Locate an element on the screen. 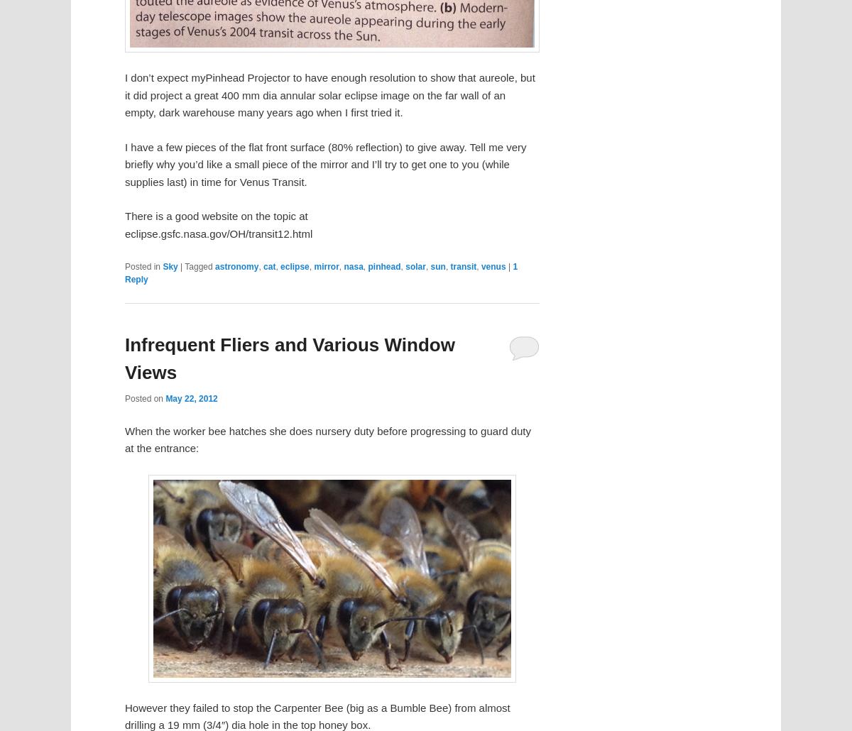 This screenshot has height=731, width=852. 'Tagged' is located at coordinates (184, 266).